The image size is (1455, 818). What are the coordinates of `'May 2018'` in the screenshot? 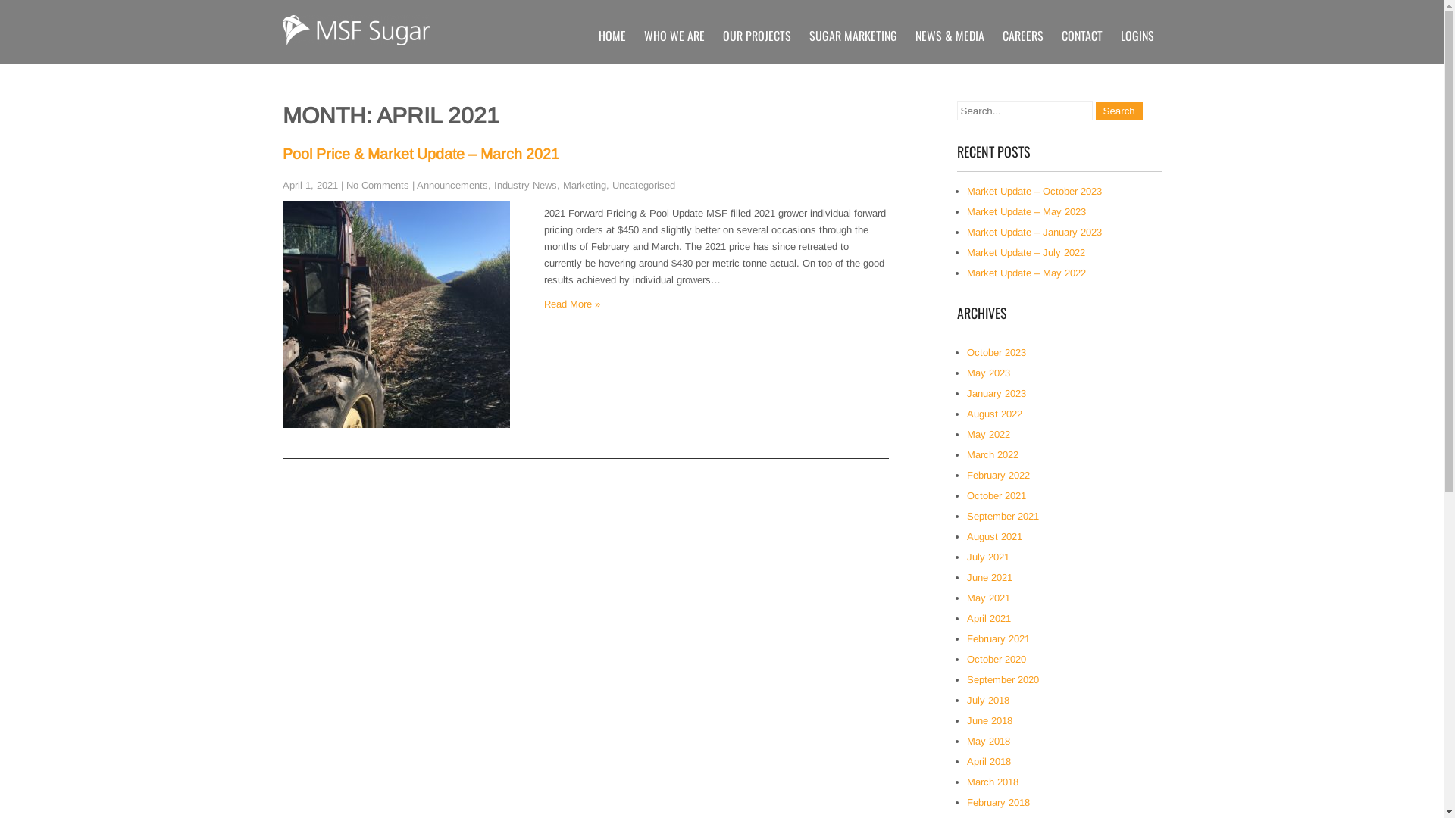 It's located at (966, 740).